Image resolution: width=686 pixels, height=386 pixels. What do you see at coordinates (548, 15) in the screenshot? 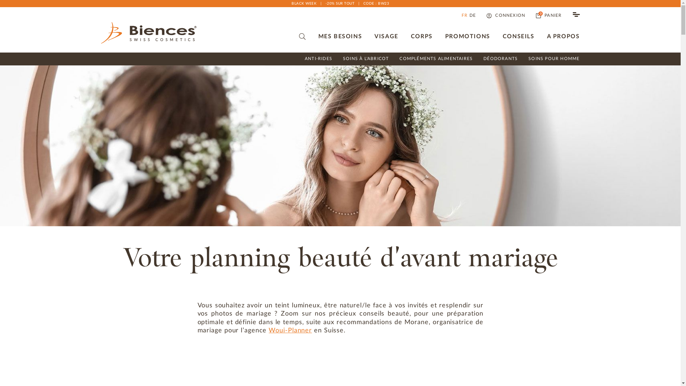
I see `'0` at bounding box center [548, 15].